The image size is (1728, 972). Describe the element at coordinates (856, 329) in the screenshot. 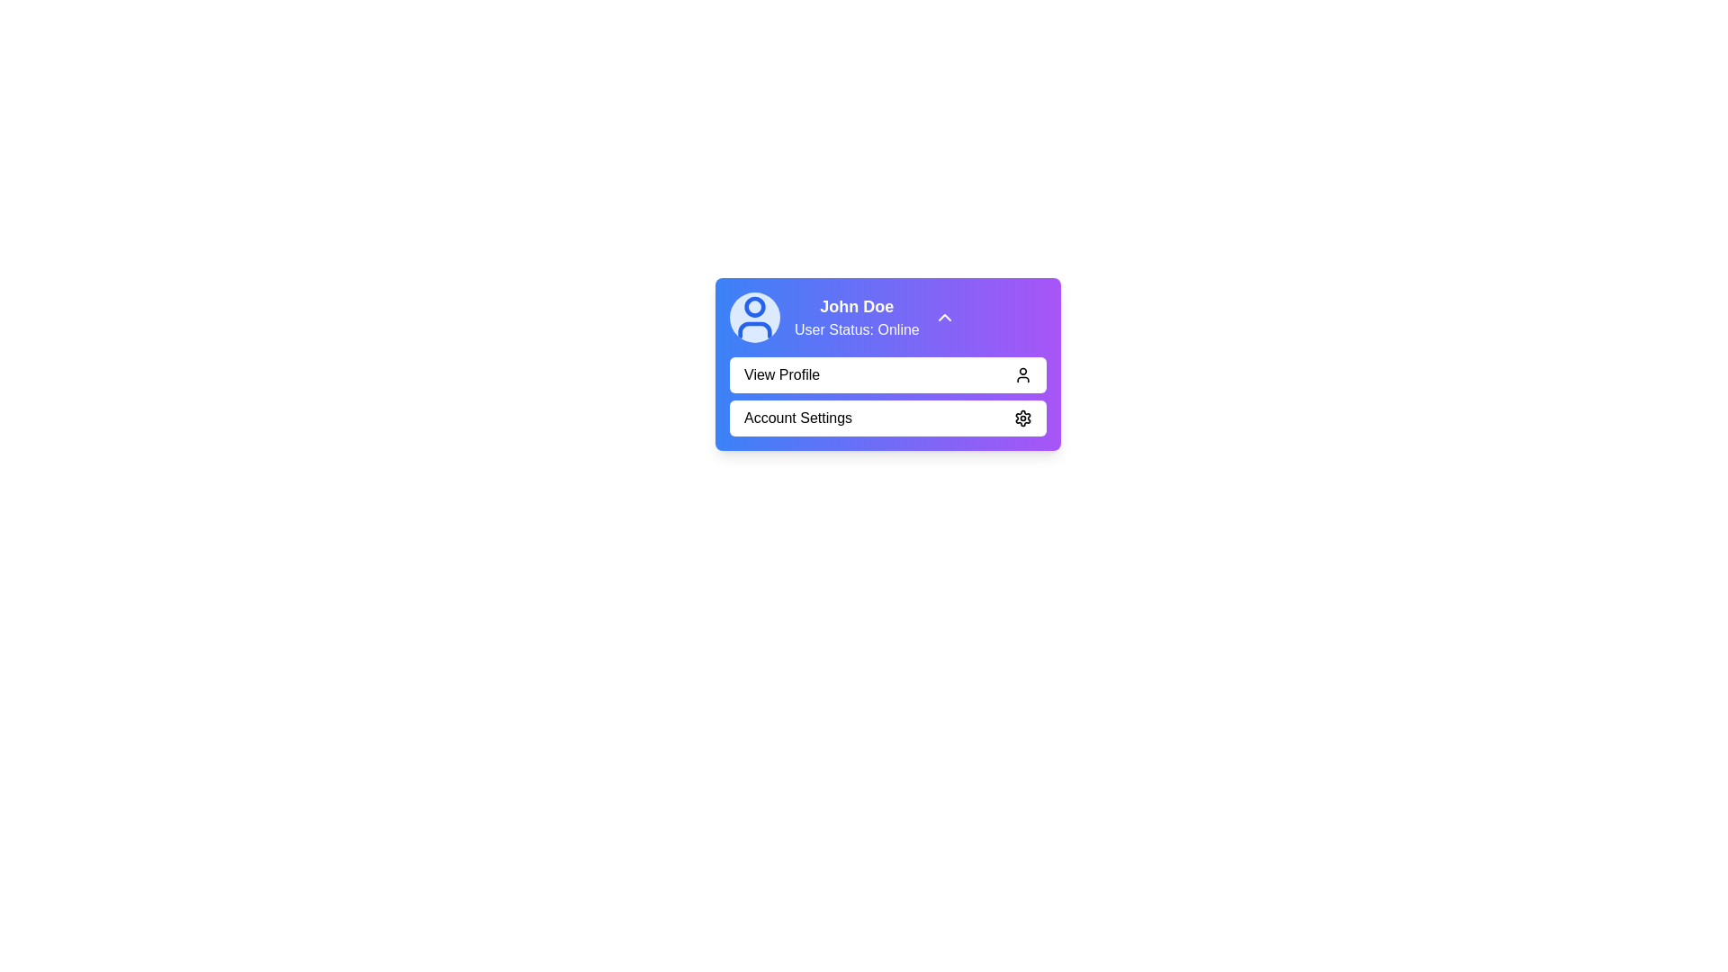

I see `the text label displaying 'User Status: Online' located beneath 'John Doe' within the user information card` at that location.